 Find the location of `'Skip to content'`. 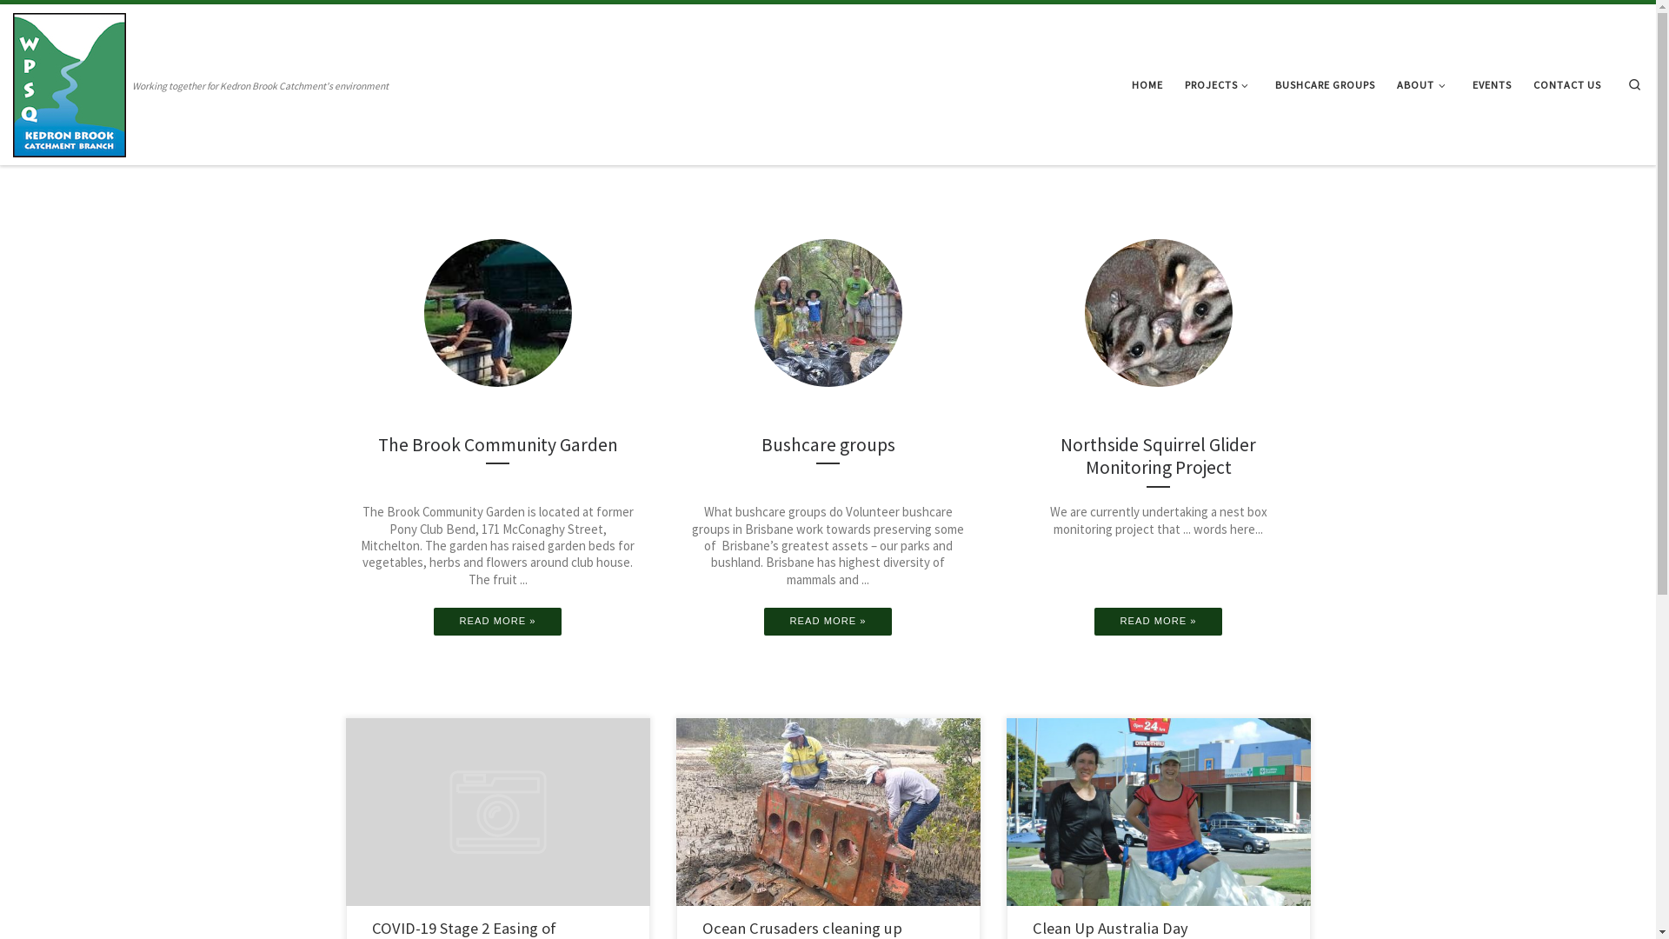

'Skip to content' is located at coordinates (3, 23).